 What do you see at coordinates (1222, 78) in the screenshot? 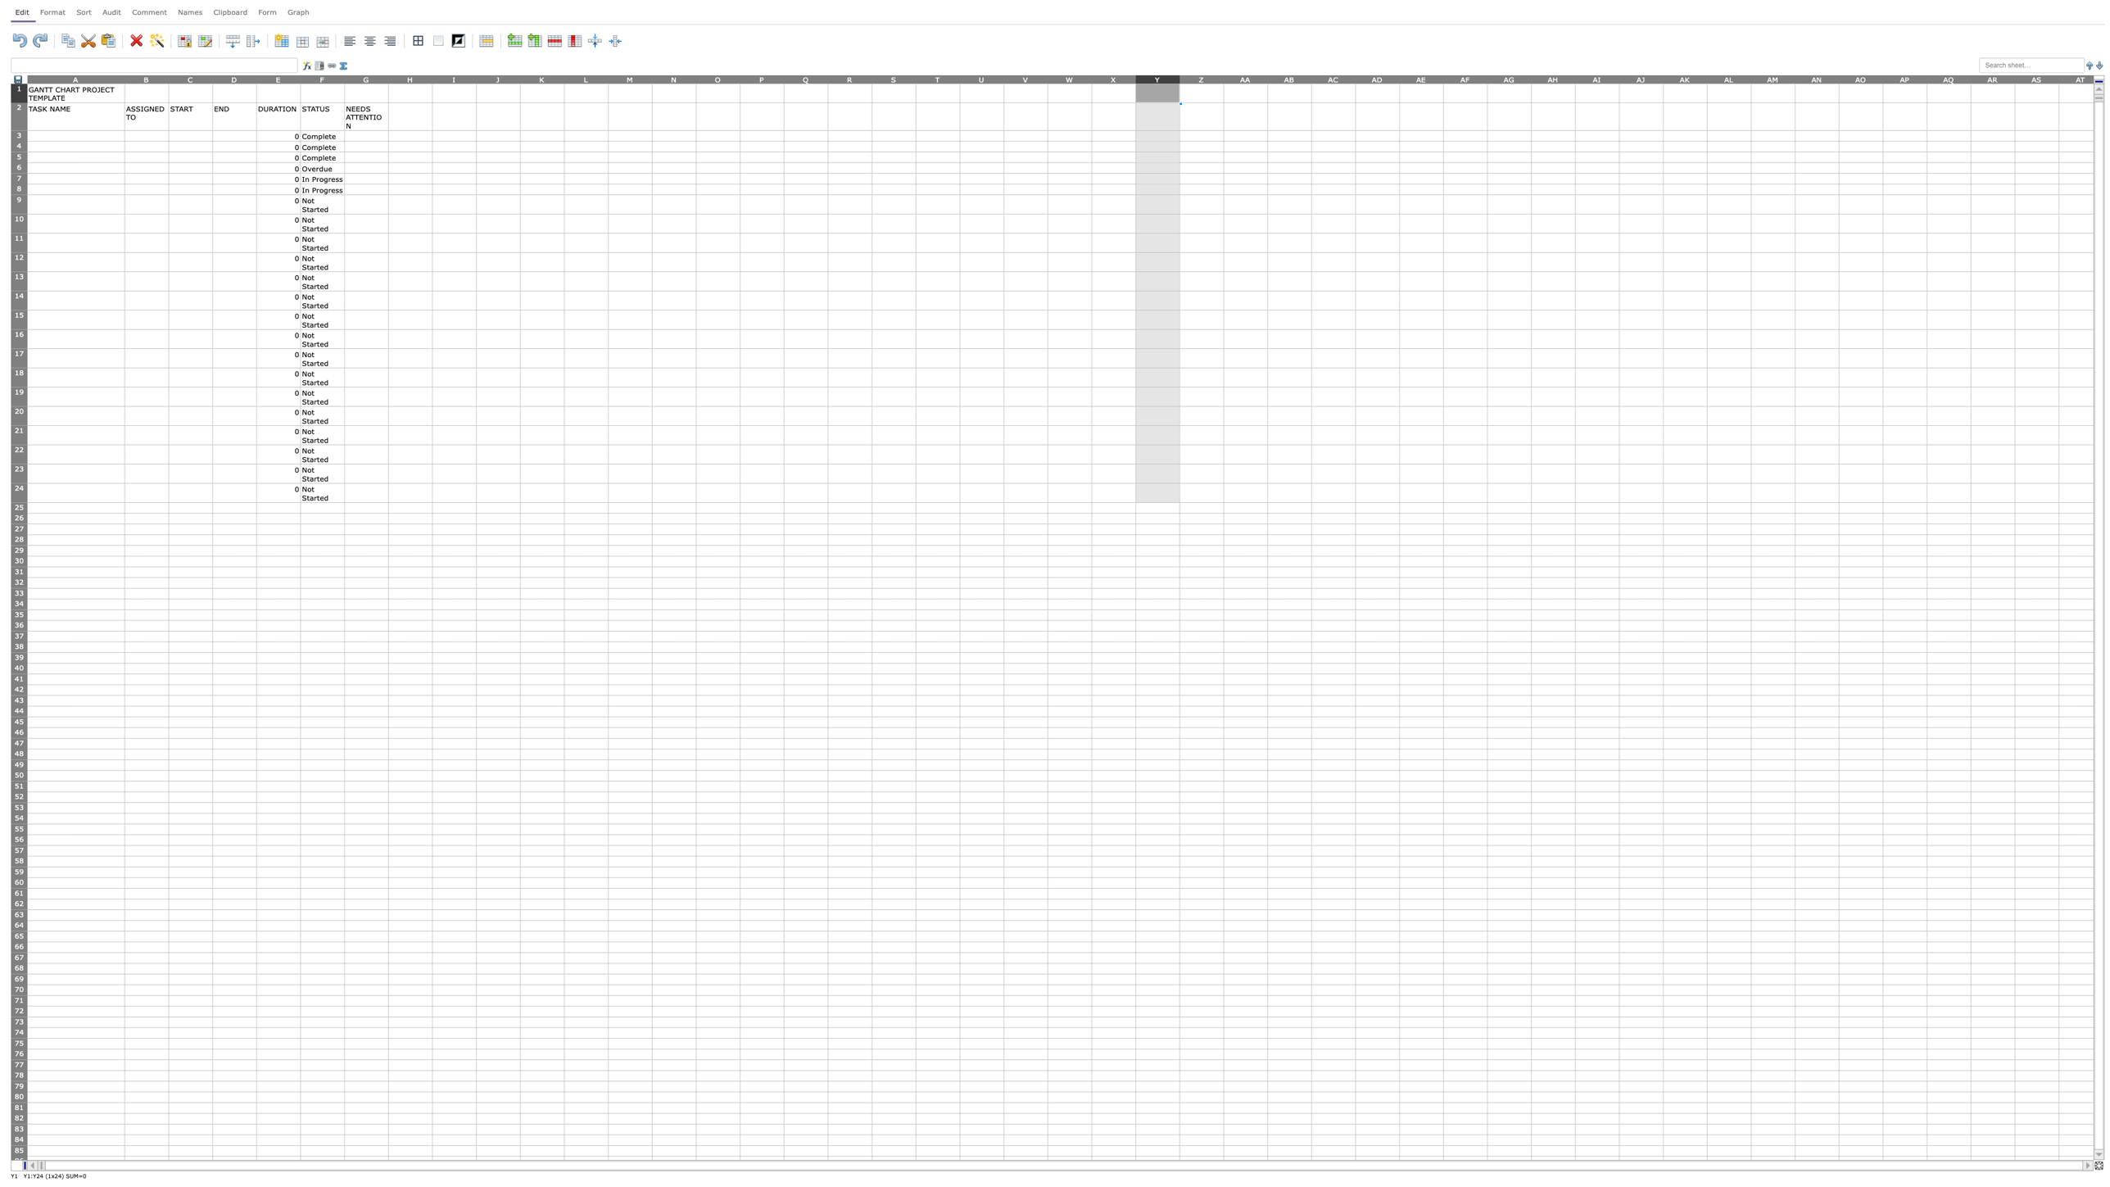
I see `Hover over column Z's resize handle` at bounding box center [1222, 78].